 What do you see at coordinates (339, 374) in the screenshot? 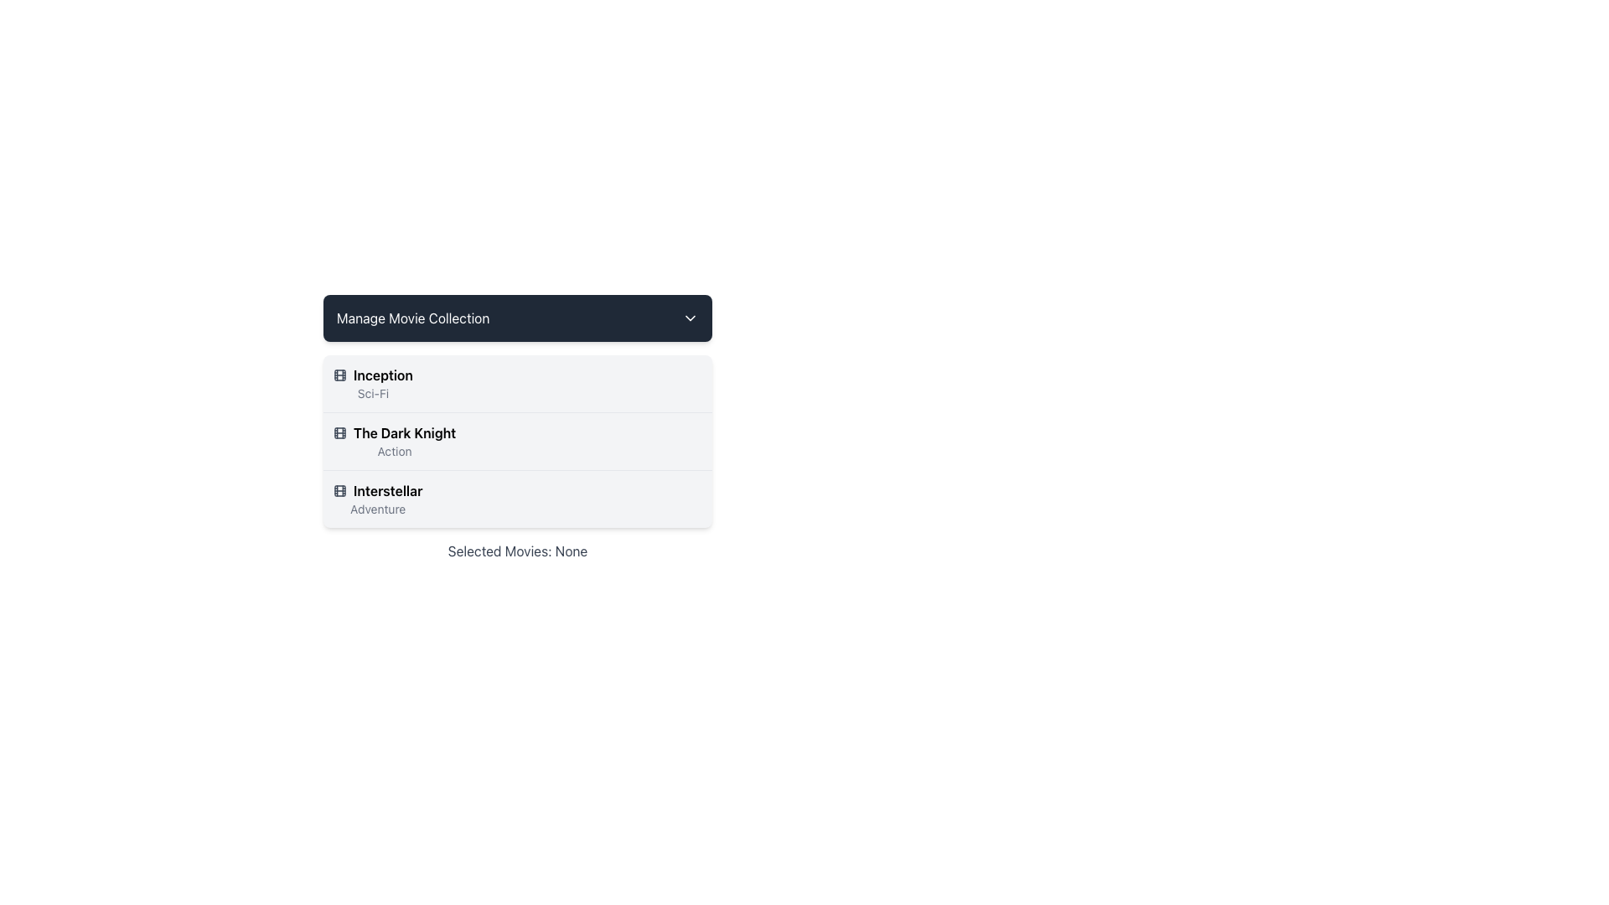
I see `the movie icon representing 'Inception', which is located at the leftmost part of the visible list` at bounding box center [339, 374].